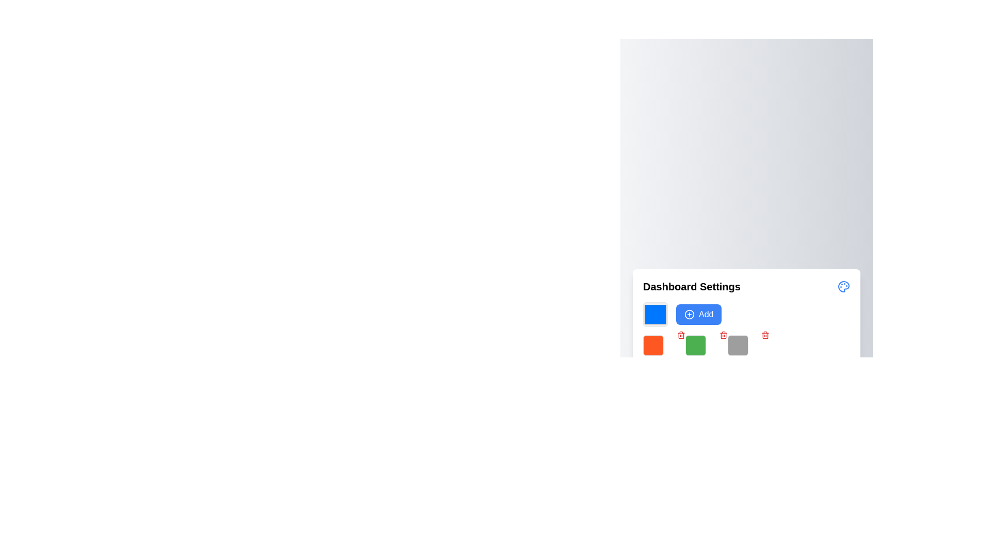  What do you see at coordinates (746, 346) in the screenshot?
I see `the fourth square in the grid under the 'Dashboard Settings' title` at bounding box center [746, 346].